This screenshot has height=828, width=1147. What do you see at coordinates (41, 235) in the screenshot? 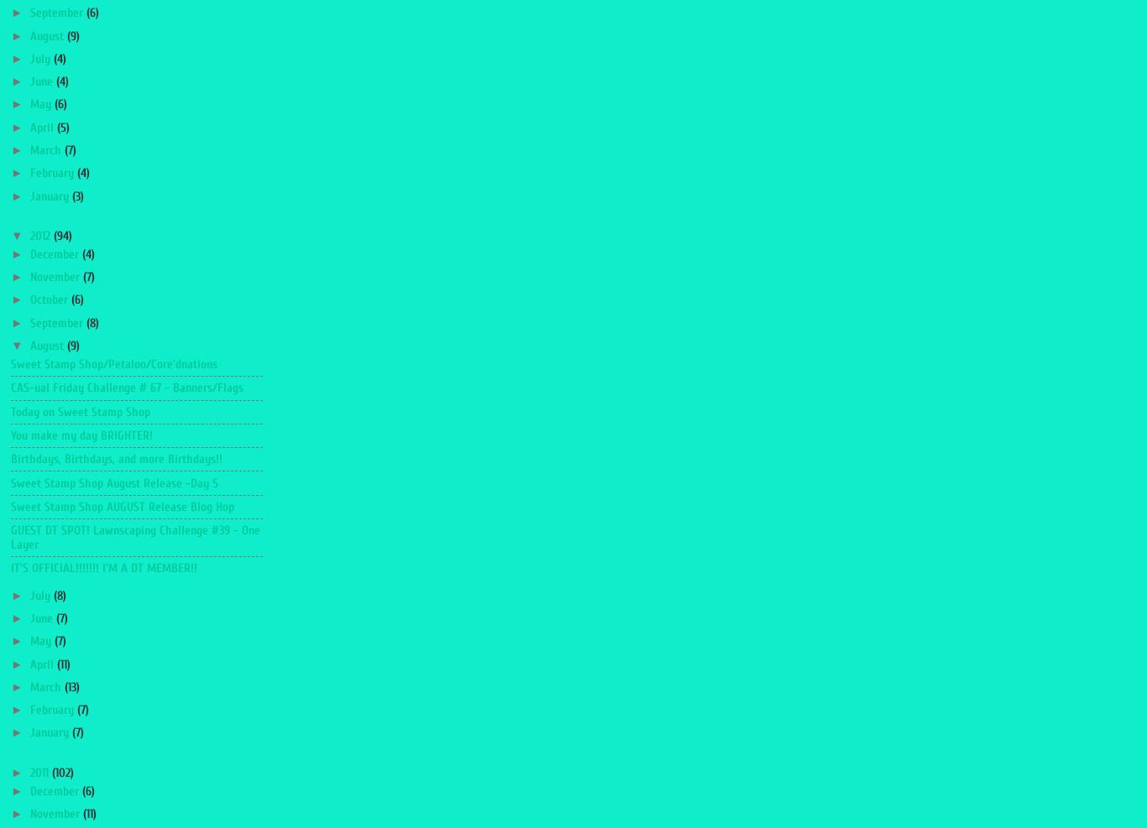
I see `'2012'` at bounding box center [41, 235].